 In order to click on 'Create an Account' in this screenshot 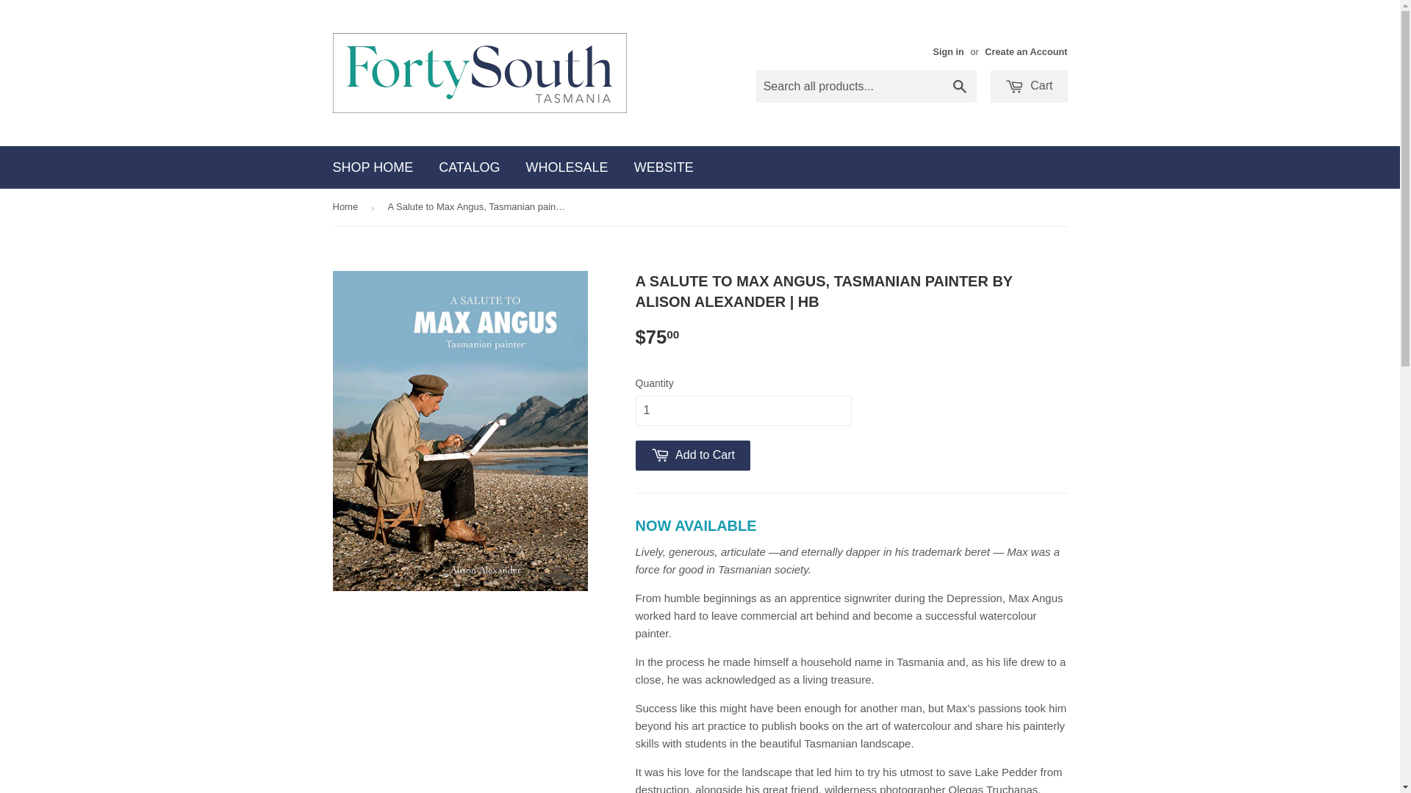, I will do `click(1025, 51)`.